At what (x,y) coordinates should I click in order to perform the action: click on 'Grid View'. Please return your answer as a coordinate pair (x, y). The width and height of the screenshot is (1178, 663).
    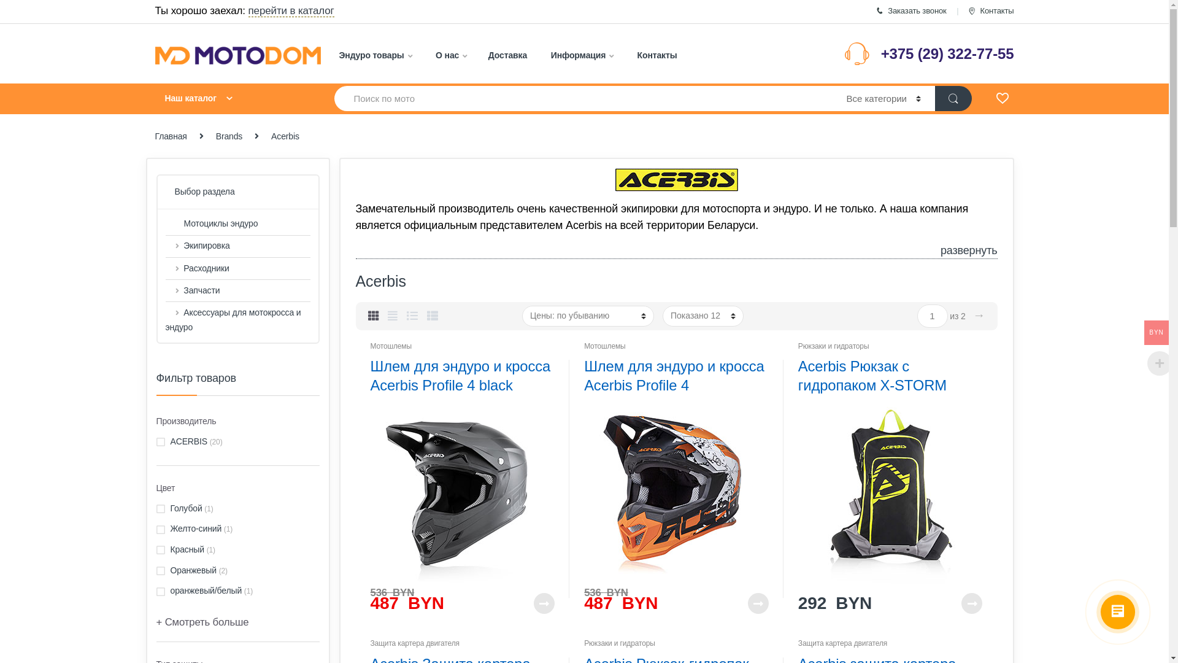
    Looking at the image, I should click on (368, 316).